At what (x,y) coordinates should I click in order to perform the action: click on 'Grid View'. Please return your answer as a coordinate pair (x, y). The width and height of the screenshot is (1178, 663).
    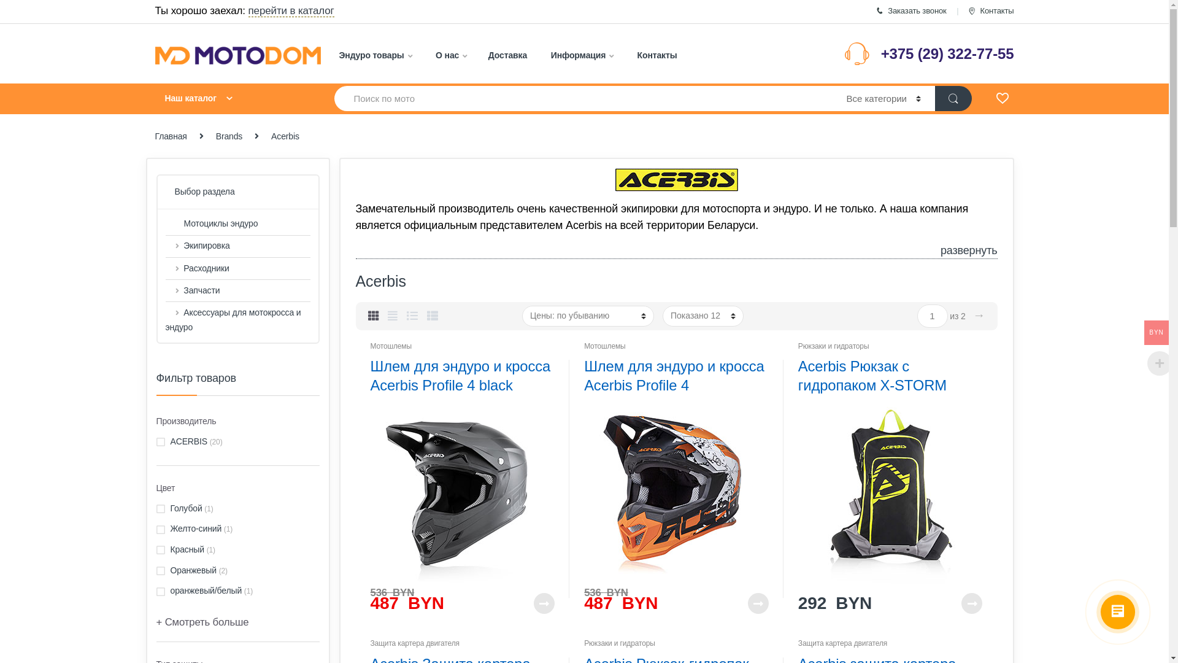
    Looking at the image, I should click on (368, 316).